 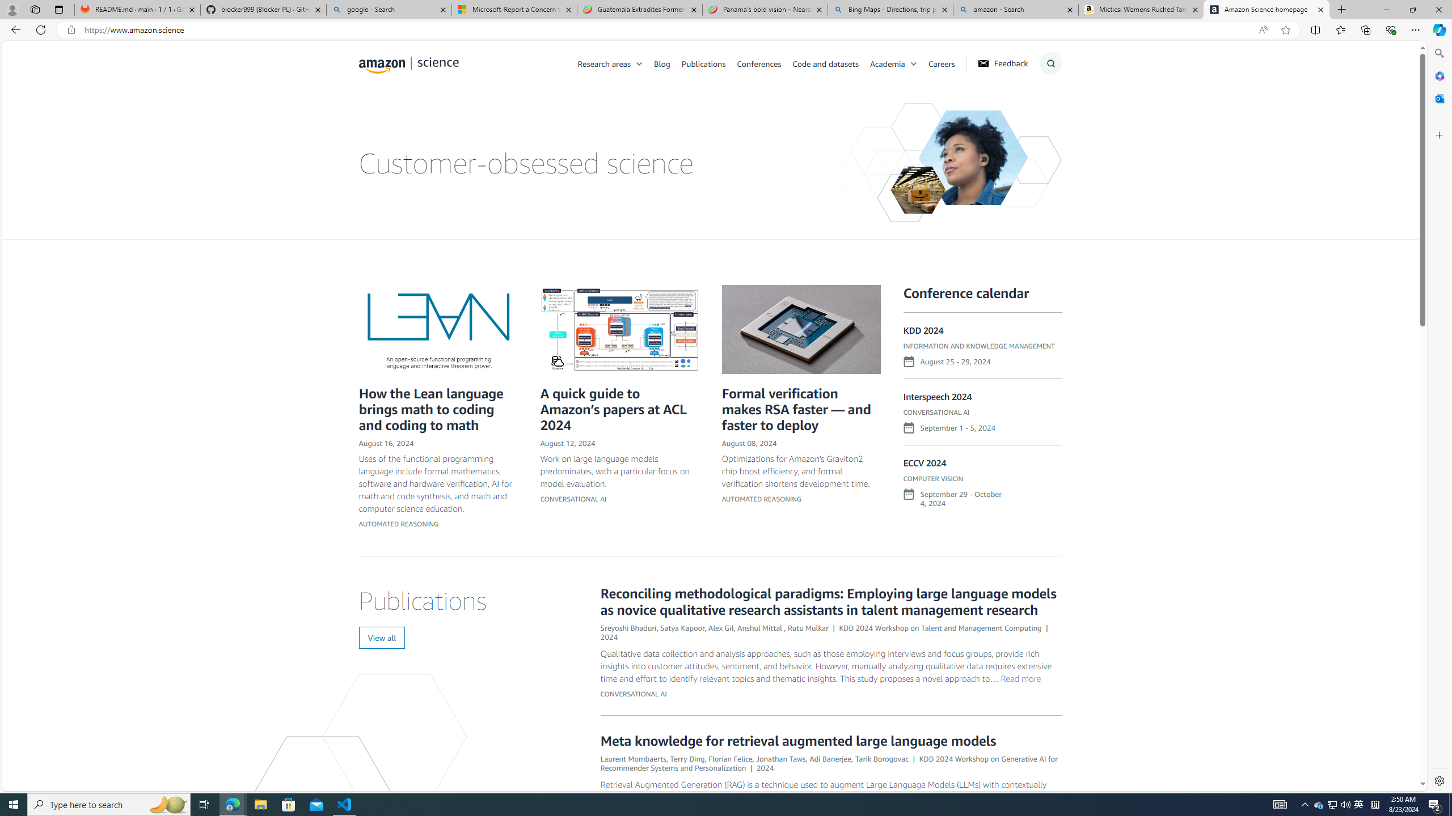 What do you see at coordinates (763, 63) in the screenshot?
I see `'Conferences'` at bounding box center [763, 63].